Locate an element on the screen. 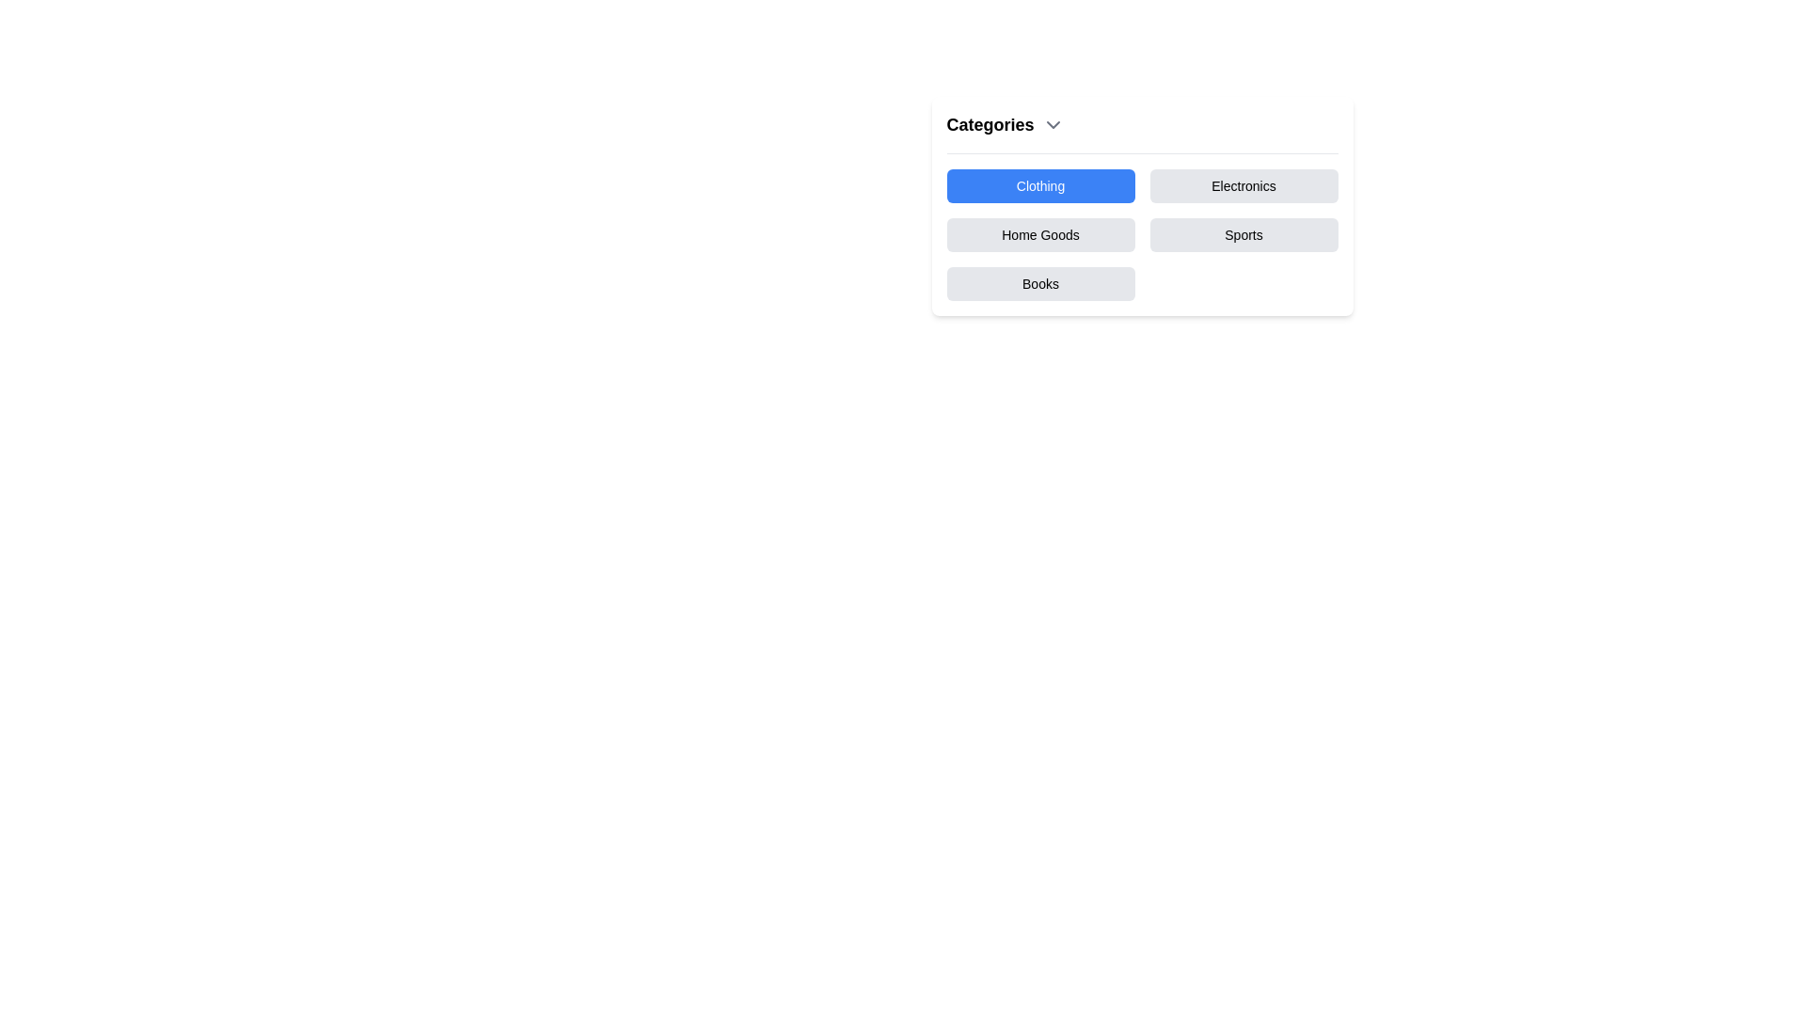 This screenshot has height=1016, width=1806. the dropdown indicator icon located immediately to the right of the 'Categories' text in the header area is located at coordinates (1052, 124).